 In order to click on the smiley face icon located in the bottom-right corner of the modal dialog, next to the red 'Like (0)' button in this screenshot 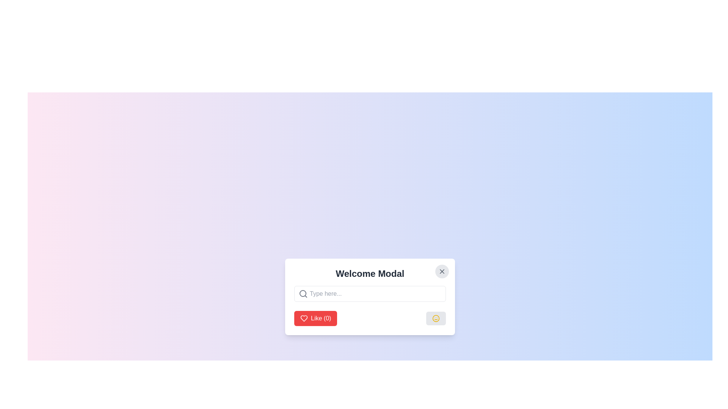, I will do `click(436, 318)`.